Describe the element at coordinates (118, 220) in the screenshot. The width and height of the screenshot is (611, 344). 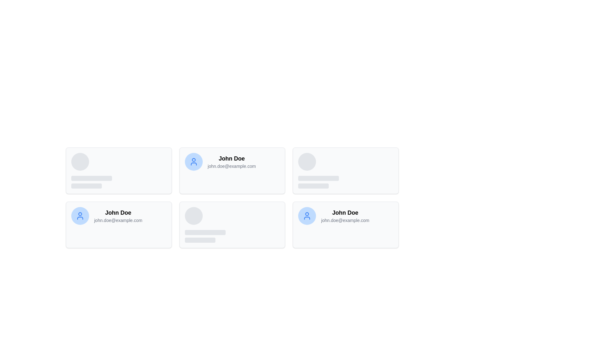
I see `the Text Label that conveys the email contact information of John Doe, located in the bottom-left of the card` at that location.